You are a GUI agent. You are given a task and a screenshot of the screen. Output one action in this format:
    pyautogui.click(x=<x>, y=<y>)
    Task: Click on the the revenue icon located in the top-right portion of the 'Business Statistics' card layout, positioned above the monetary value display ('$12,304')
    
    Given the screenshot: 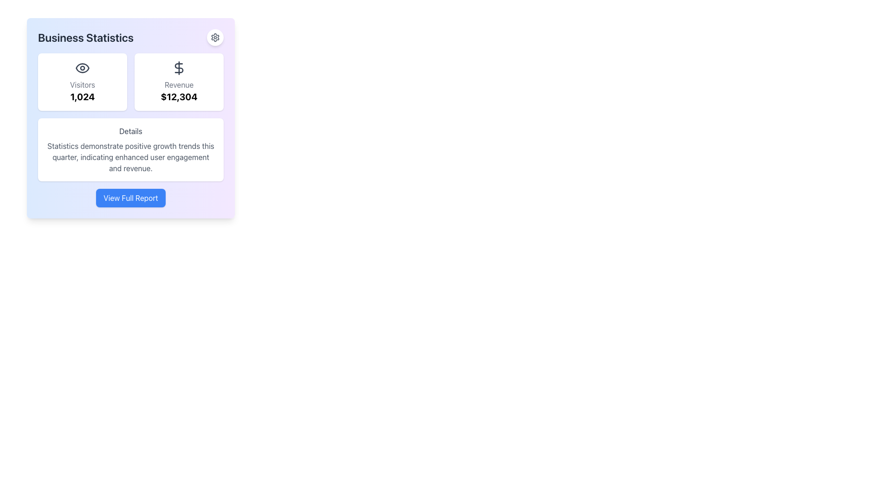 What is the action you would take?
    pyautogui.click(x=179, y=67)
    